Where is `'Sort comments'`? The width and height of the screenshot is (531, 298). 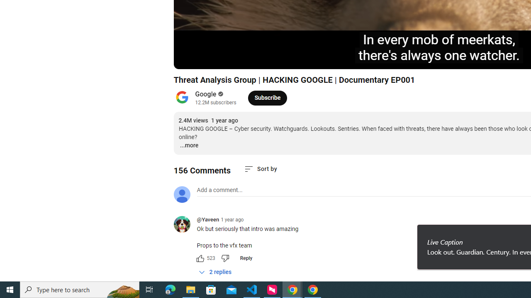
'Sort comments' is located at coordinates (260, 168).